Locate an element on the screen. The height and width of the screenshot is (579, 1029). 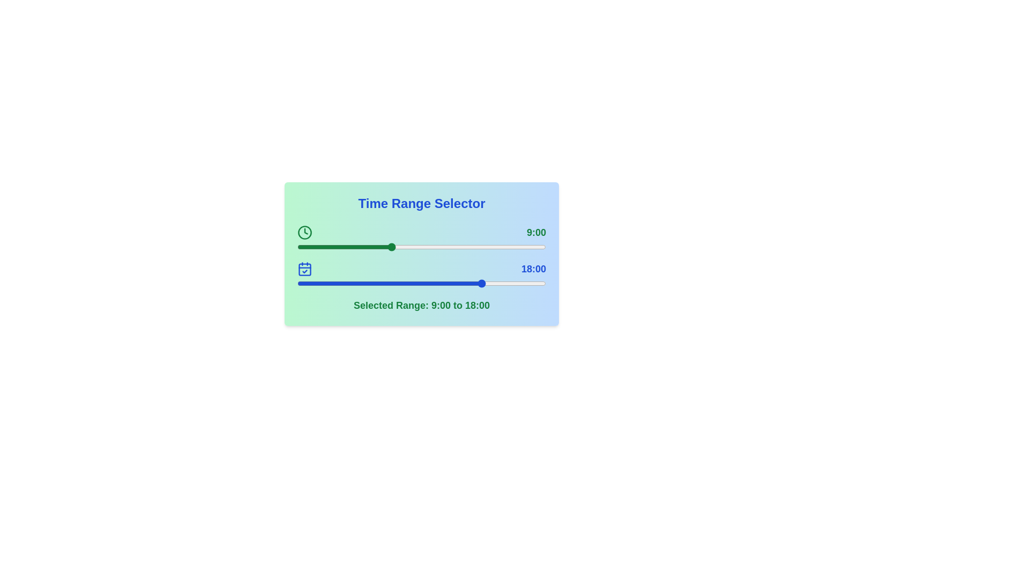
the time is located at coordinates (297, 283).